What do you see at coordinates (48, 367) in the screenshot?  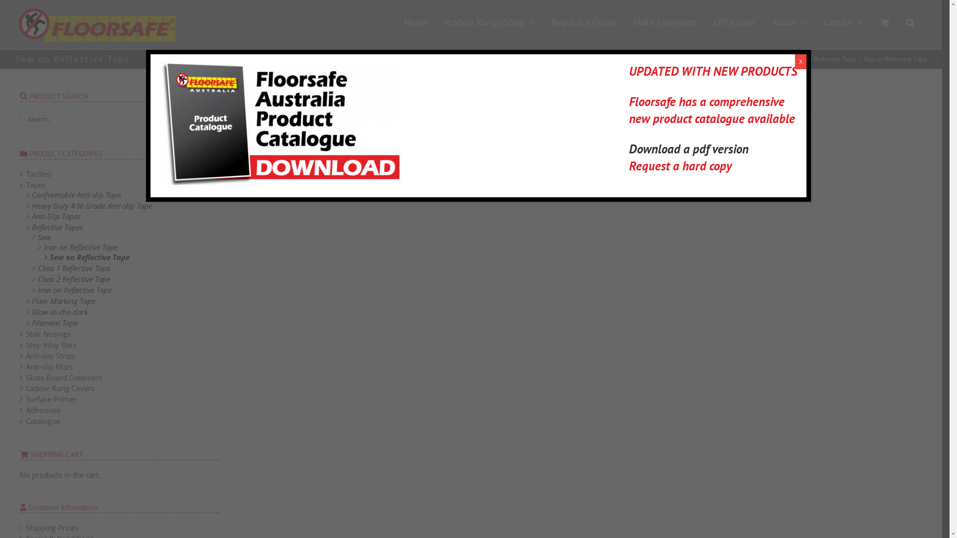 I see `'Anti-slip Mats'` at bounding box center [48, 367].